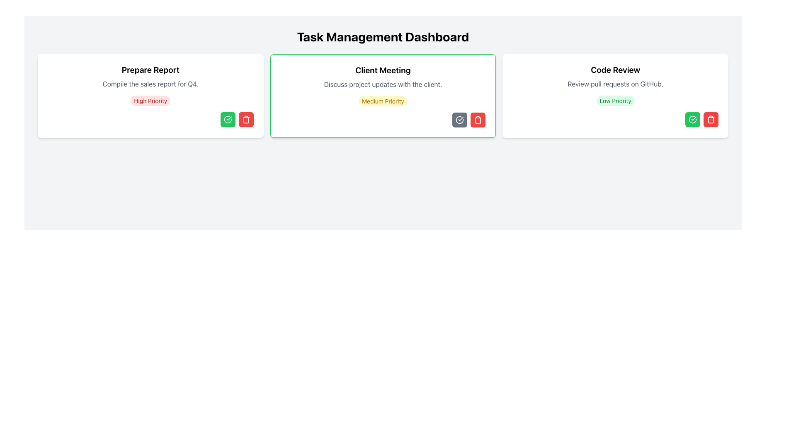  Describe the element at coordinates (615, 70) in the screenshot. I see `the text label that serves as the header for the card related to reviewing code, located at the top section of the card on the far right side of three horizontally aligned panels` at that location.